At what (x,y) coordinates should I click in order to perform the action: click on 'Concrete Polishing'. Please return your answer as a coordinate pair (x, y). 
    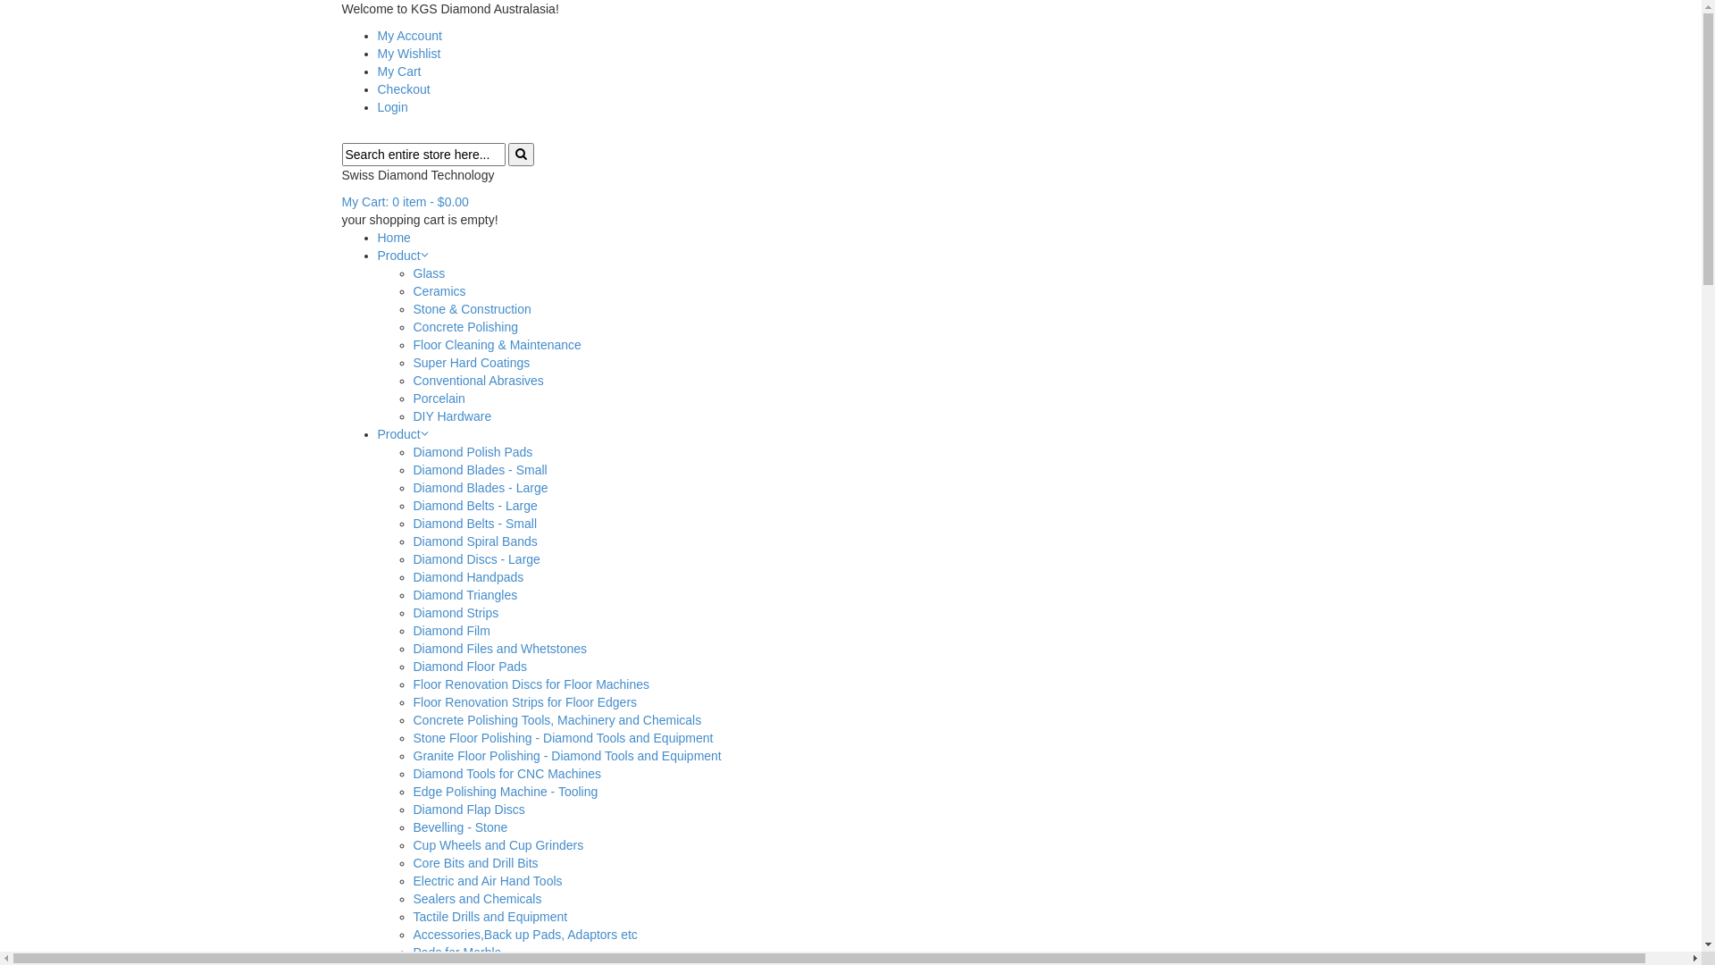
    Looking at the image, I should click on (465, 327).